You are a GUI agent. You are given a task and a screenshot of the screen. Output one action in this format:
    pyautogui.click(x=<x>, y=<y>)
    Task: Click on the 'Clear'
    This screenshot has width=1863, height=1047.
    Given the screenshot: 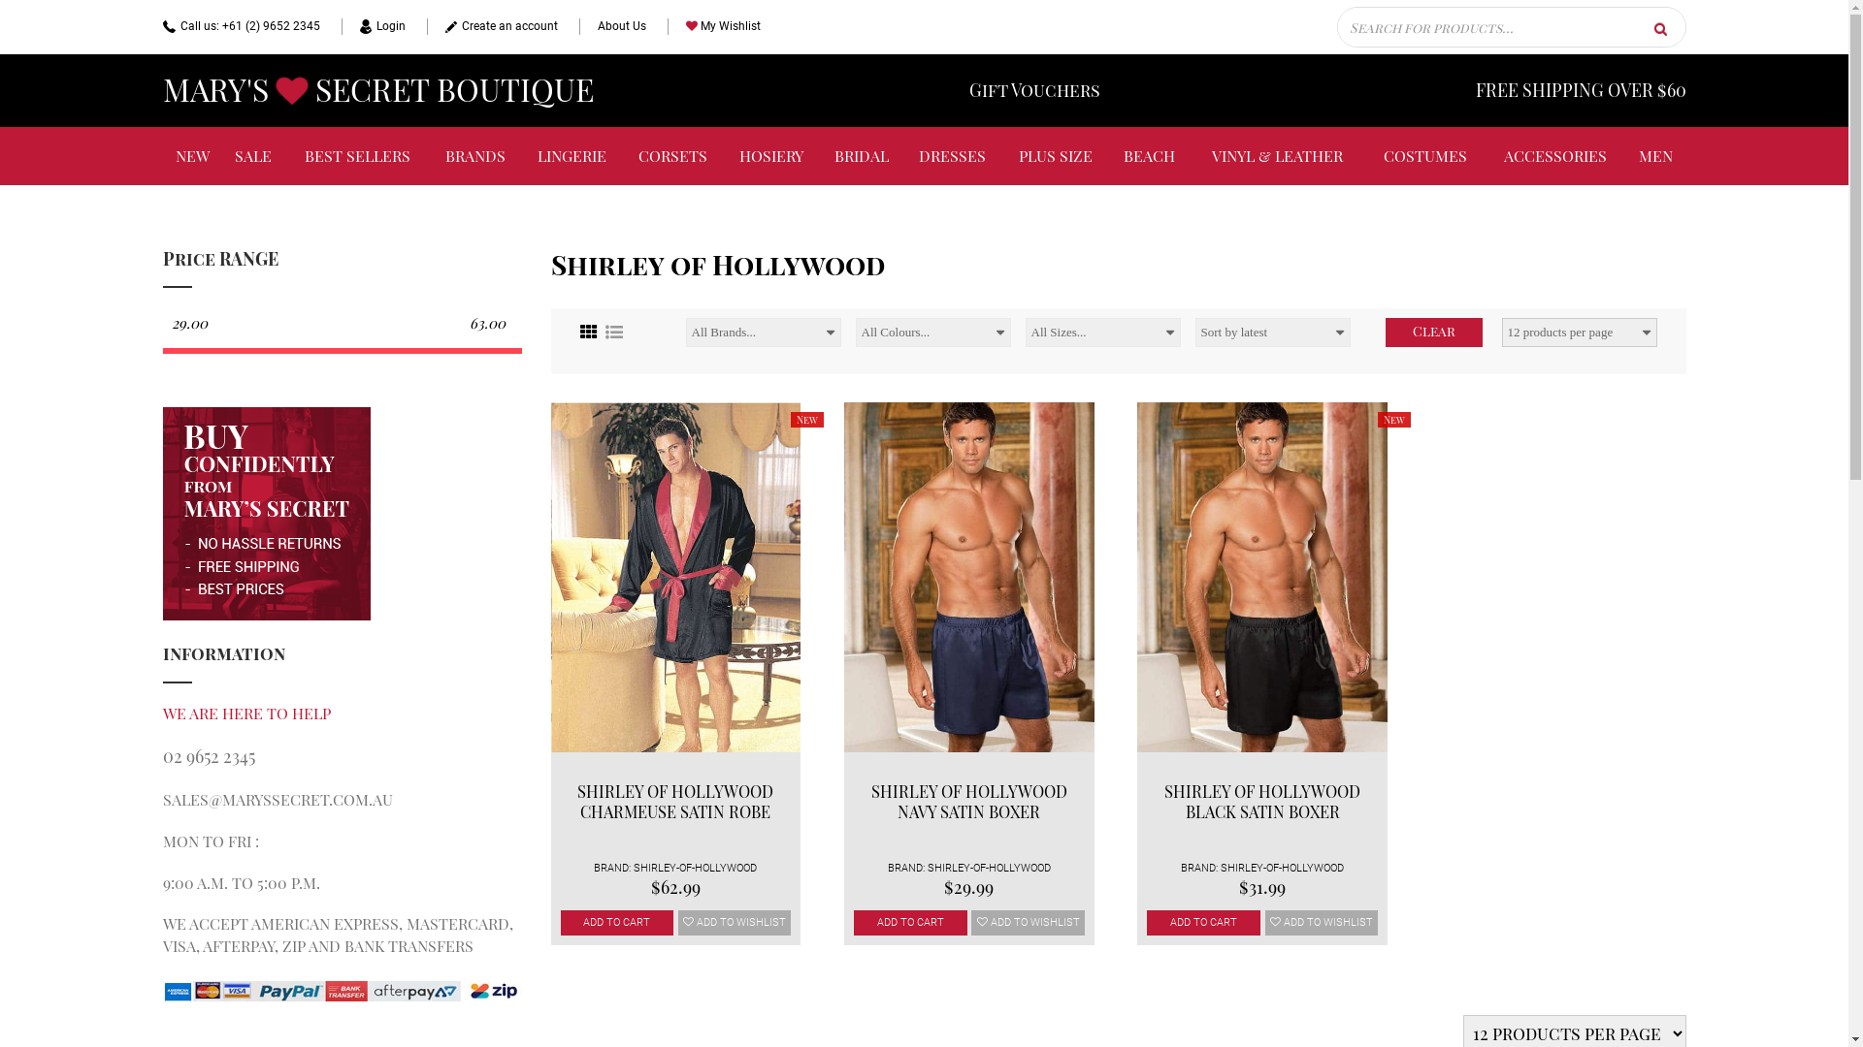 What is the action you would take?
    pyautogui.click(x=1434, y=332)
    